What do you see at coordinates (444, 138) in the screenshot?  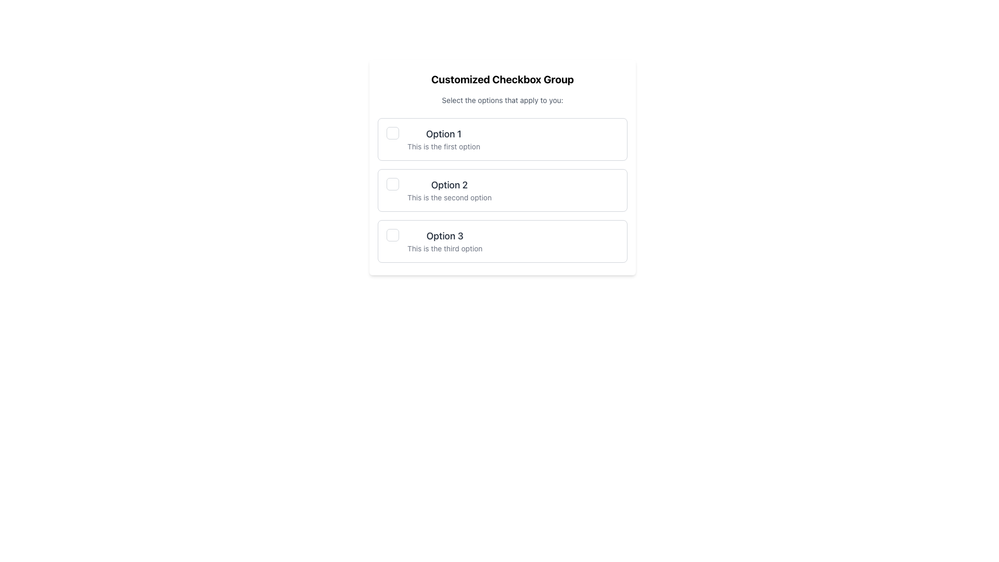 I see `text content of the description for the first selectable option in the checkbox group, which is located immediately to the right of the checkbox` at bounding box center [444, 138].